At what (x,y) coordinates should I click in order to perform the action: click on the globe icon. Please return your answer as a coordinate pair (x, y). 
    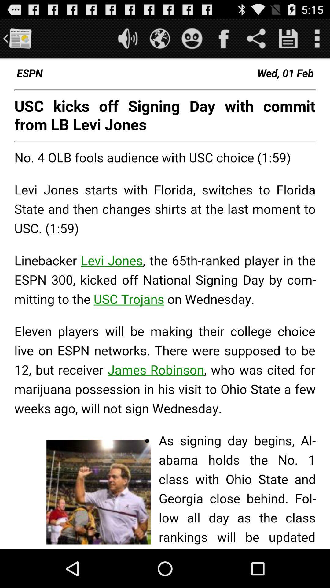
    Looking at the image, I should click on (159, 41).